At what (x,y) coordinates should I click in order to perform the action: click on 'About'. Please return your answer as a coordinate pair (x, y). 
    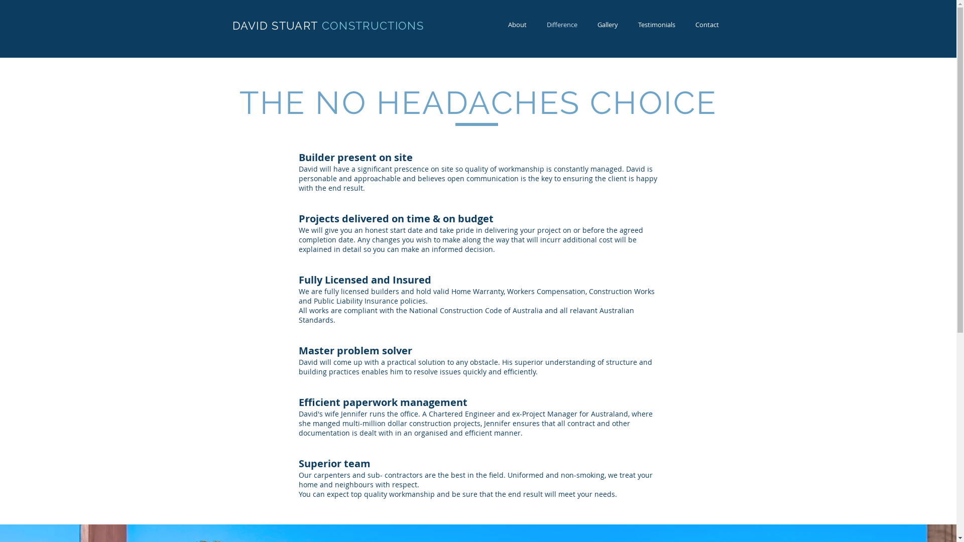
    Looking at the image, I should click on (517, 24).